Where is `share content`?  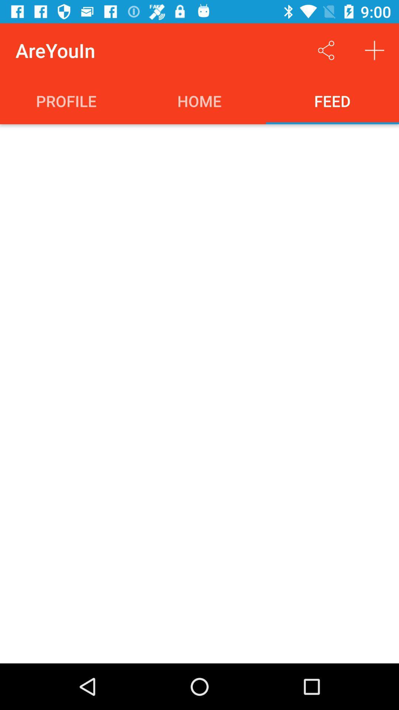
share content is located at coordinates (326, 50).